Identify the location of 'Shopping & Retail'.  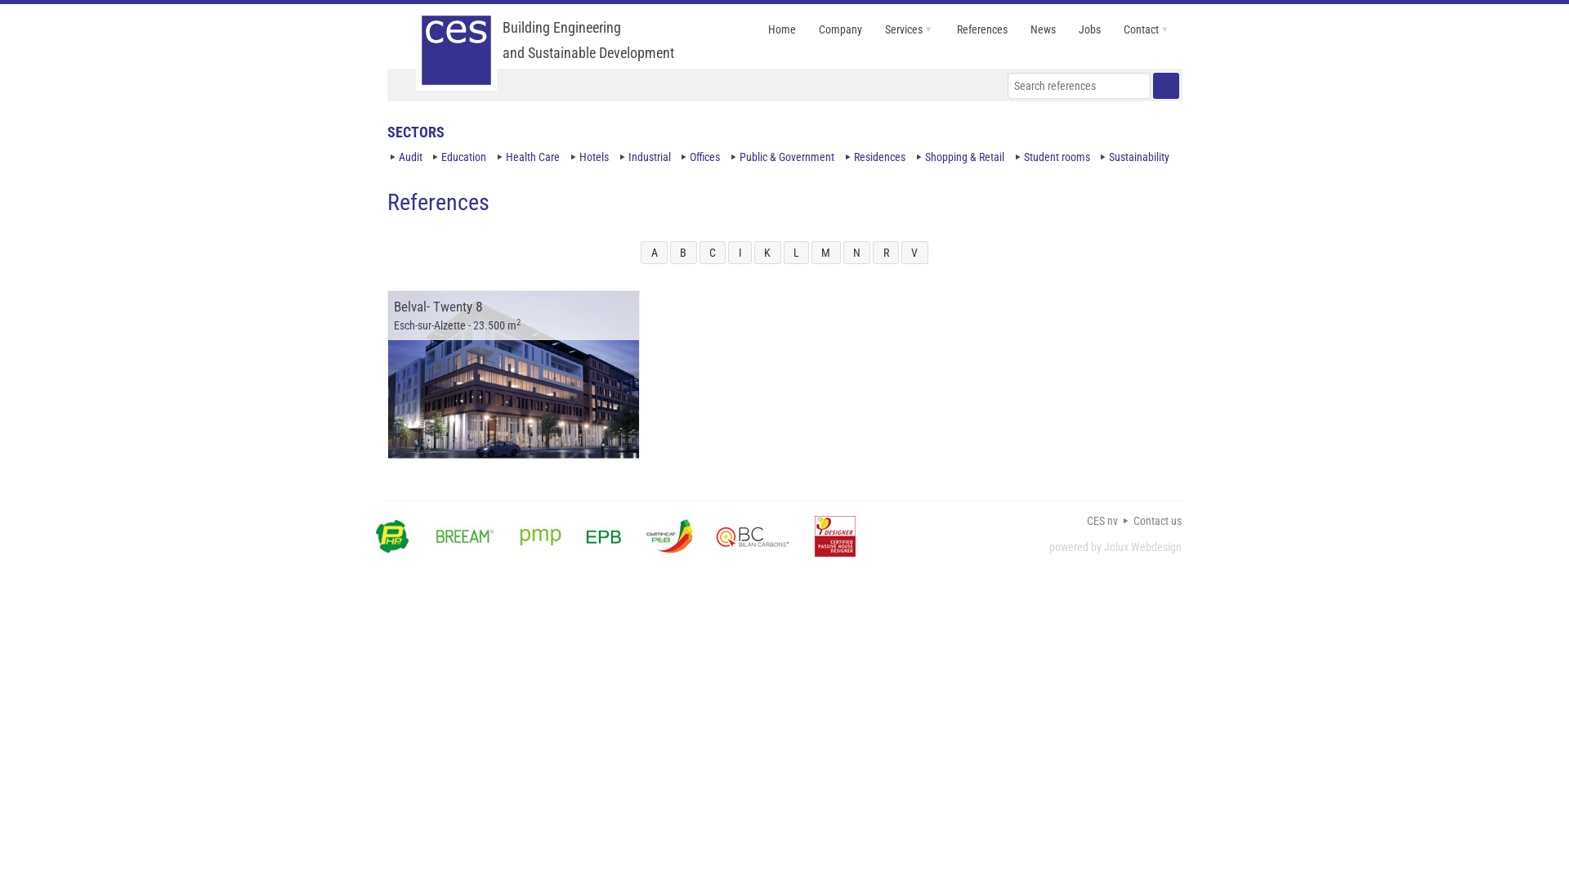
(964, 157).